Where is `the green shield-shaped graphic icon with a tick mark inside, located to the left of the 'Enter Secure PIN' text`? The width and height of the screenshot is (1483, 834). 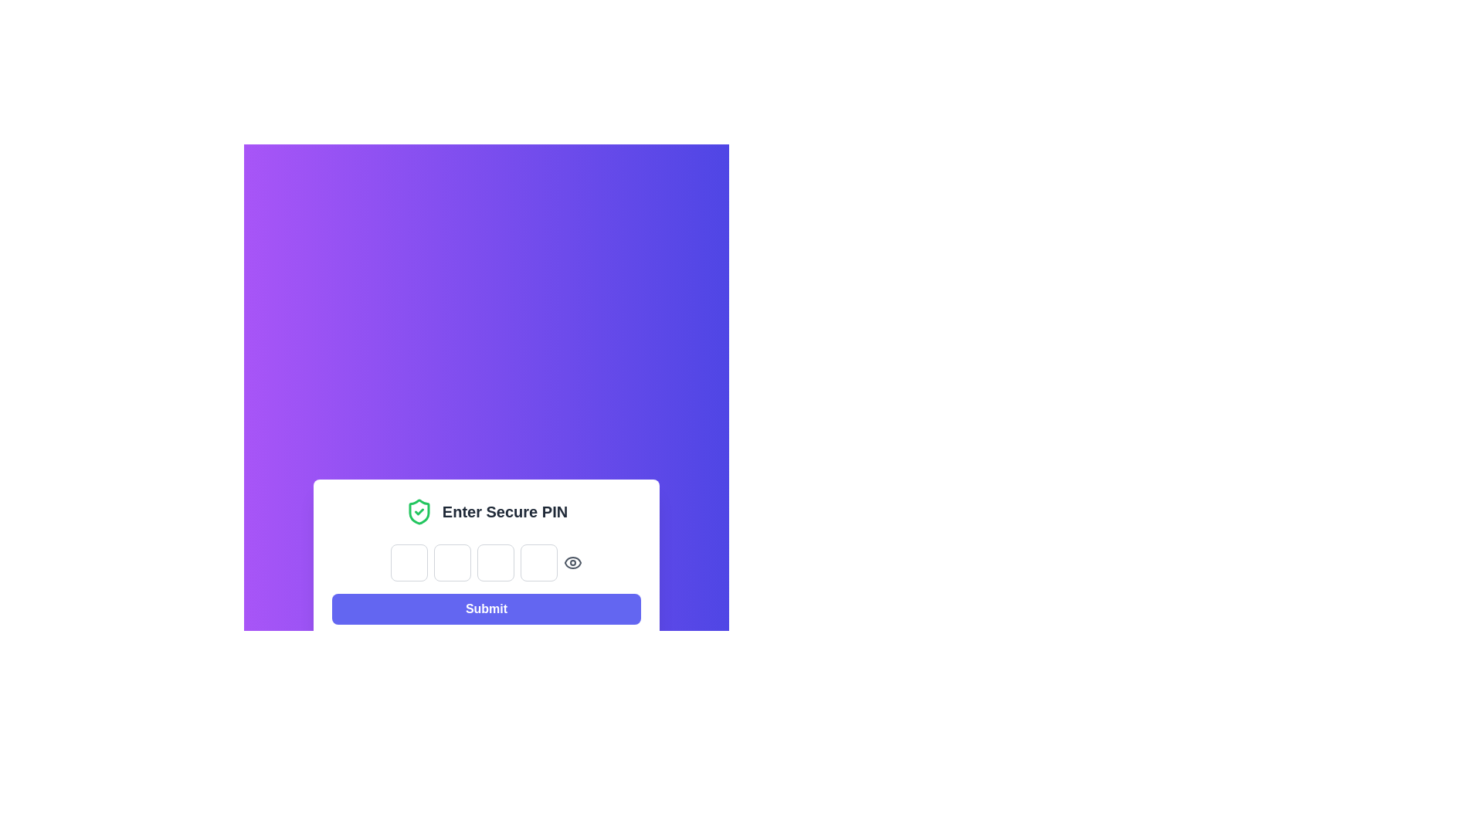 the green shield-shaped graphic icon with a tick mark inside, located to the left of the 'Enter Secure PIN' text is located at coordinates (419, 512).